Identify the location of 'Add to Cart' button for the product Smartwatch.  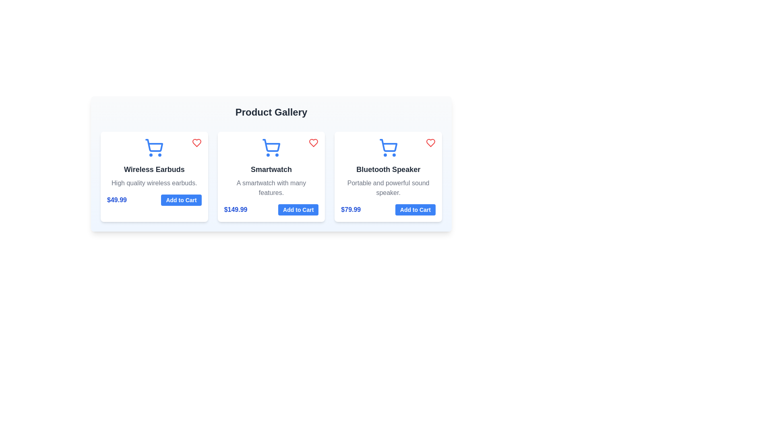
(298, 209).